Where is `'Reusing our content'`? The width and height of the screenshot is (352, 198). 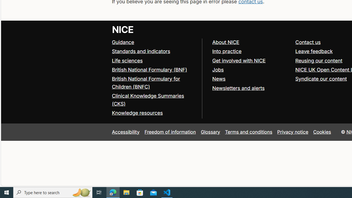 'Reusing our content' is located at coordinates (319, 60).